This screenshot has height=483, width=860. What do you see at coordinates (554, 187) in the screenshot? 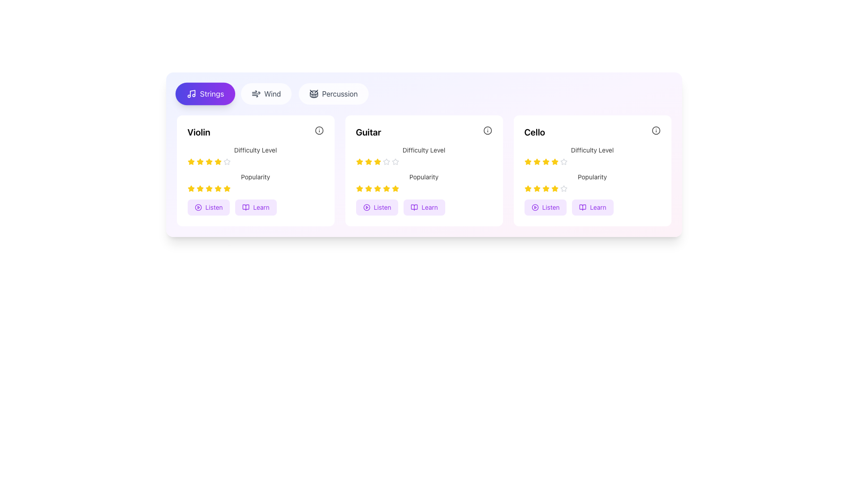
I see `the fourth star in the five-star rating system labeled 'Popularity' within the 'Cello' card` at bounding box center [554, 187].